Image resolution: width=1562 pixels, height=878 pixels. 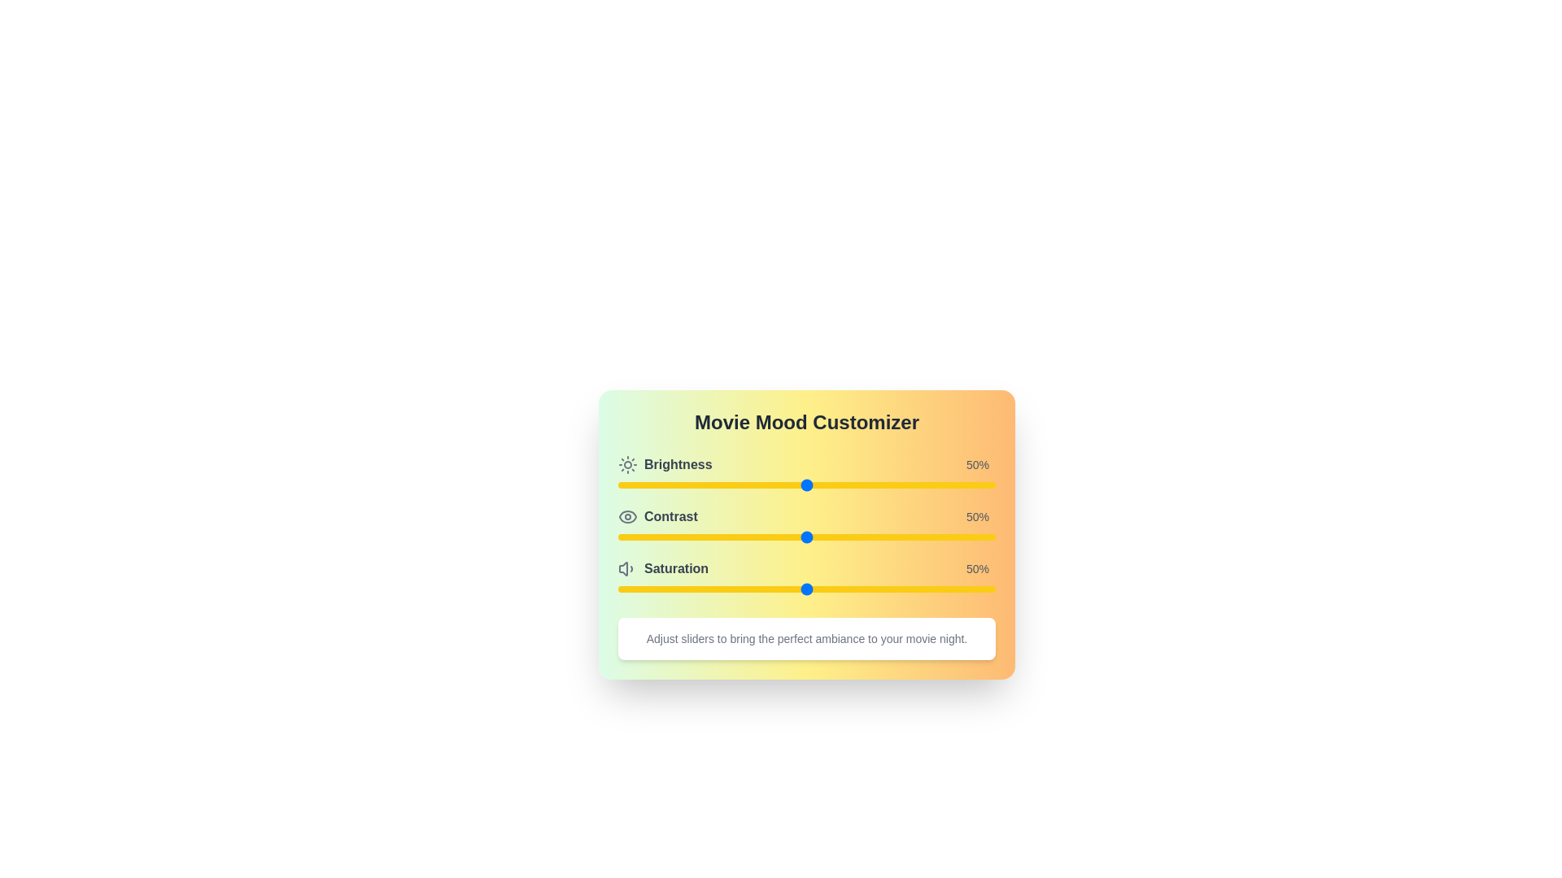 I want to click on the contrast level, so click(x=709, y=537).